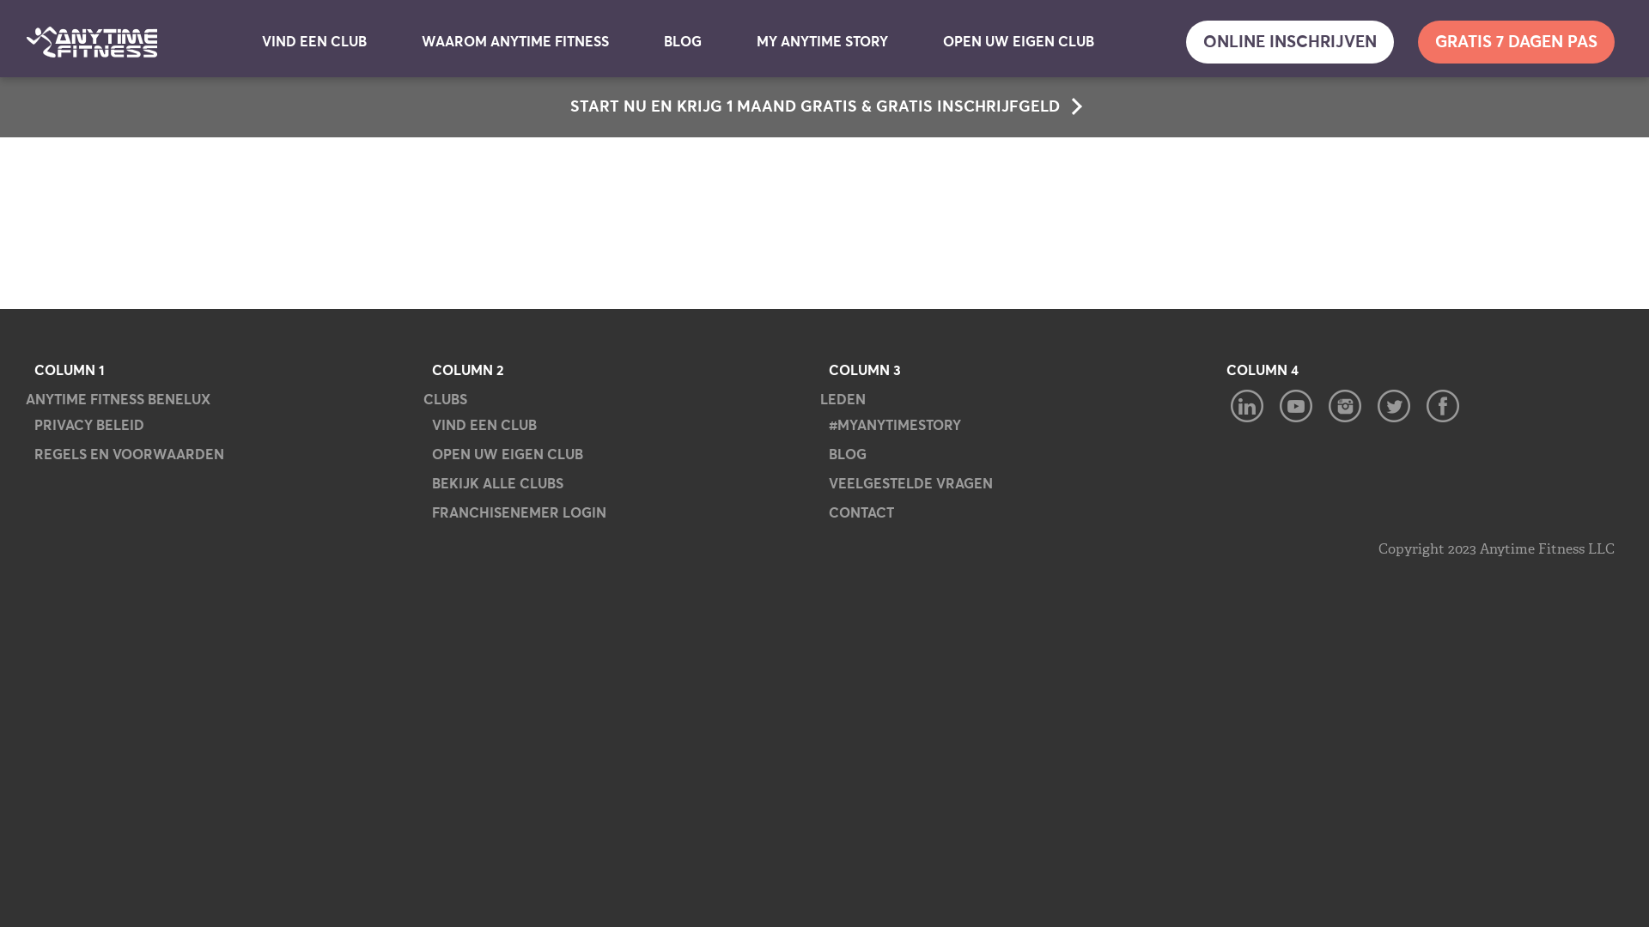 Image resolution: width=1649 pixels, height=927 pixels. What do you see at coordinates (517, 512) in the screenshot?
I see `'FRANCHISENEMER LOGIN'` at bounding box center [517, 512].